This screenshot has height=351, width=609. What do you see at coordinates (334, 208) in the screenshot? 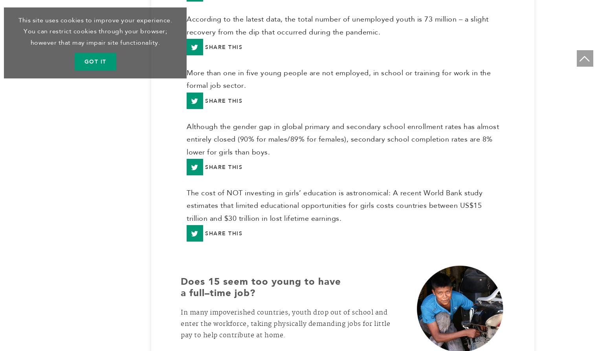
I see `'The cost of NOT investing in girls’ education is astronomical: A recent World Bank study estimates that limited educational opportunities for girls costs countries between US$15 trillion and $30 trillion in lost lifetime earnings.'` at bounding box center [334, 208].